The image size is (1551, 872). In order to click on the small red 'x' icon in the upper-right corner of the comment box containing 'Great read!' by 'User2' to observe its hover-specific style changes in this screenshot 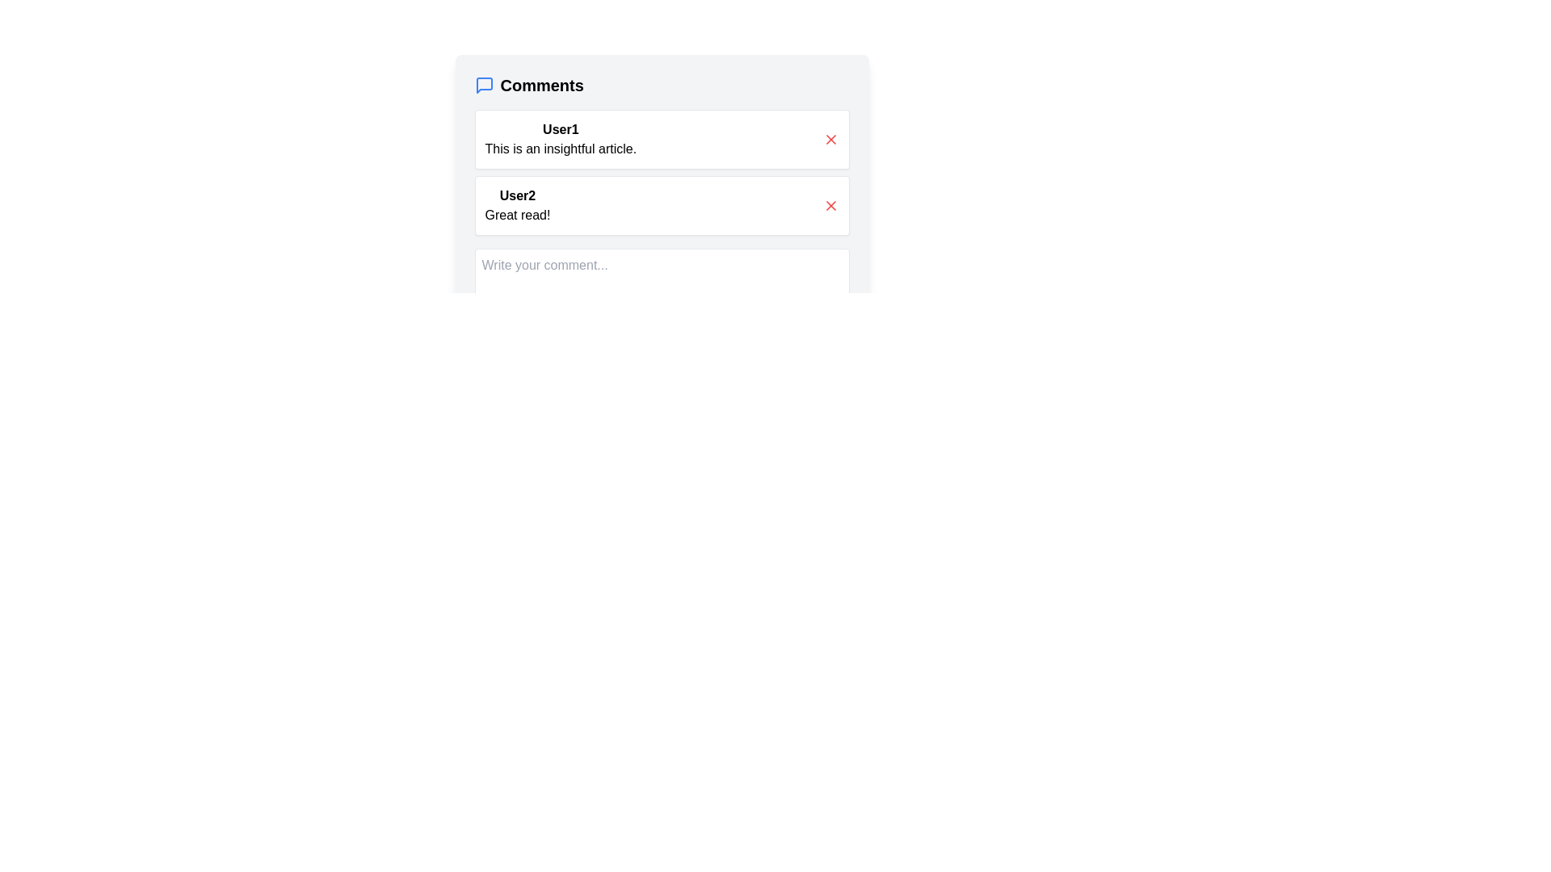, I will do `click(830, 204)`.